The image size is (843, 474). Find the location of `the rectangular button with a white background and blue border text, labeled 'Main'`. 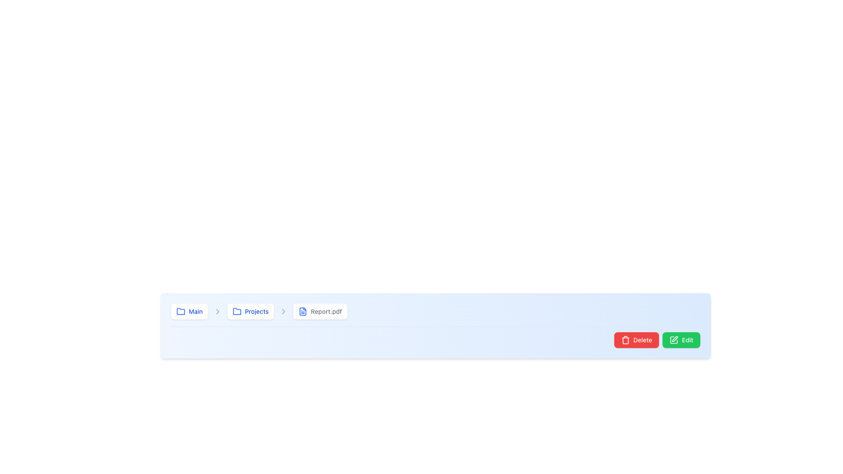

the rectangular button with a white background and blue border text, labeled 'Main' is located at coordinates (189, 311).